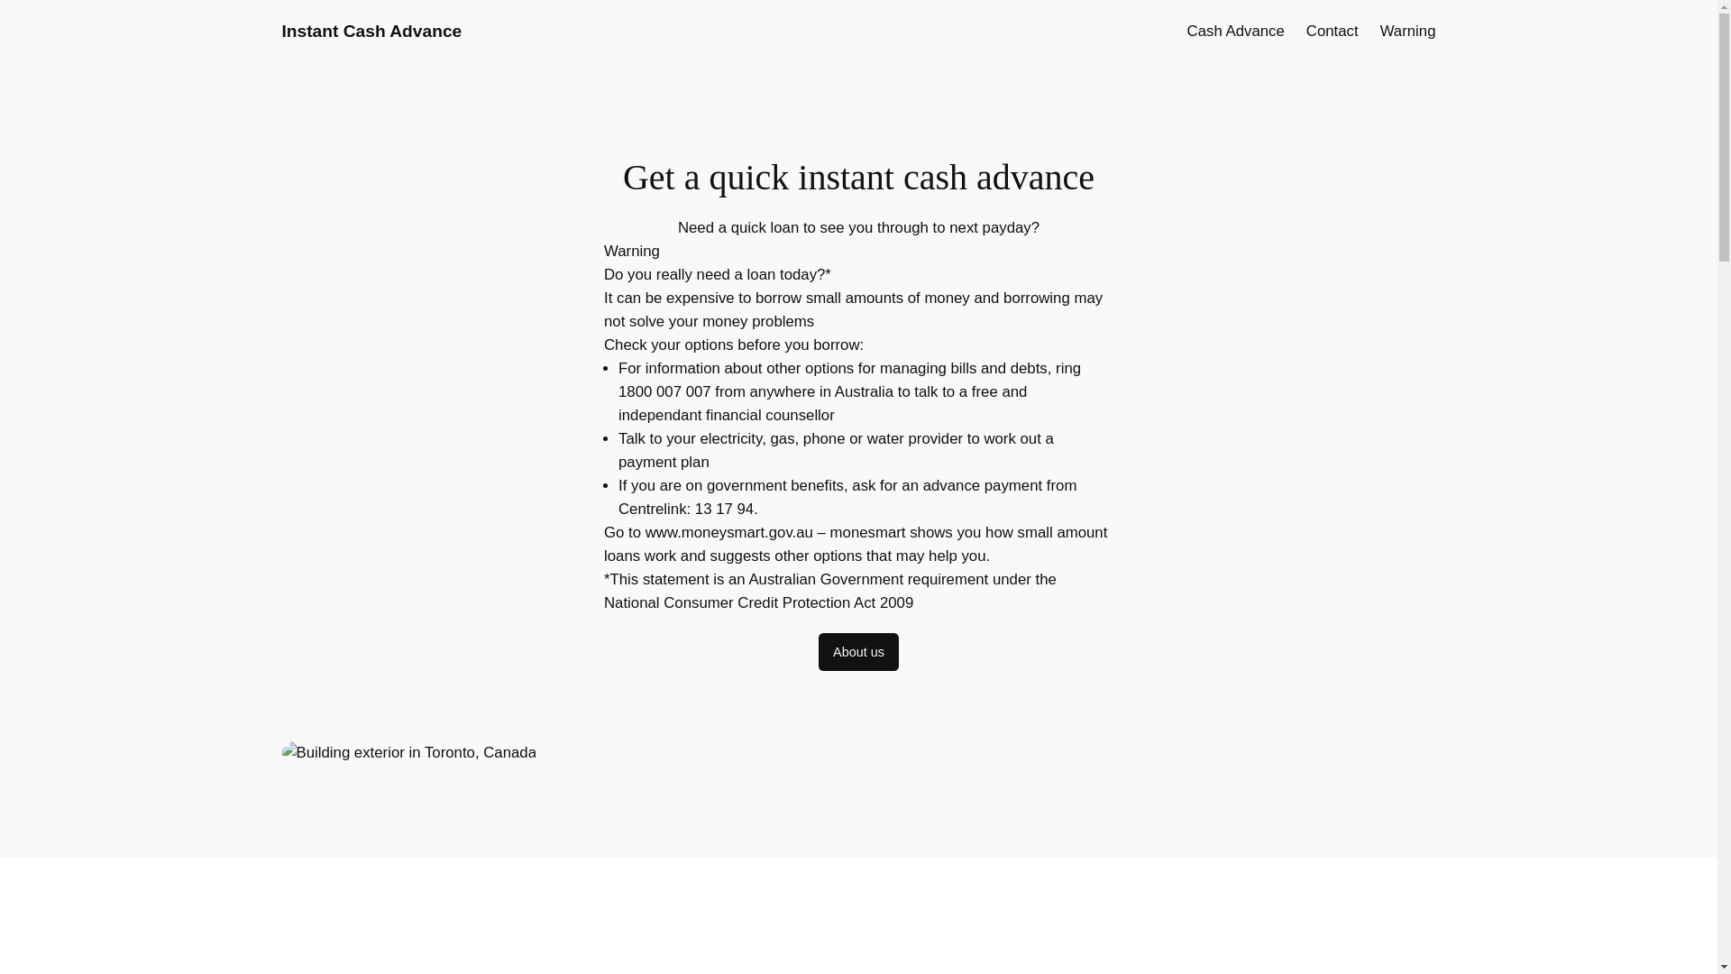 The image size is (1731, 974). I want to click on 'Warning', so click(1379, 31).